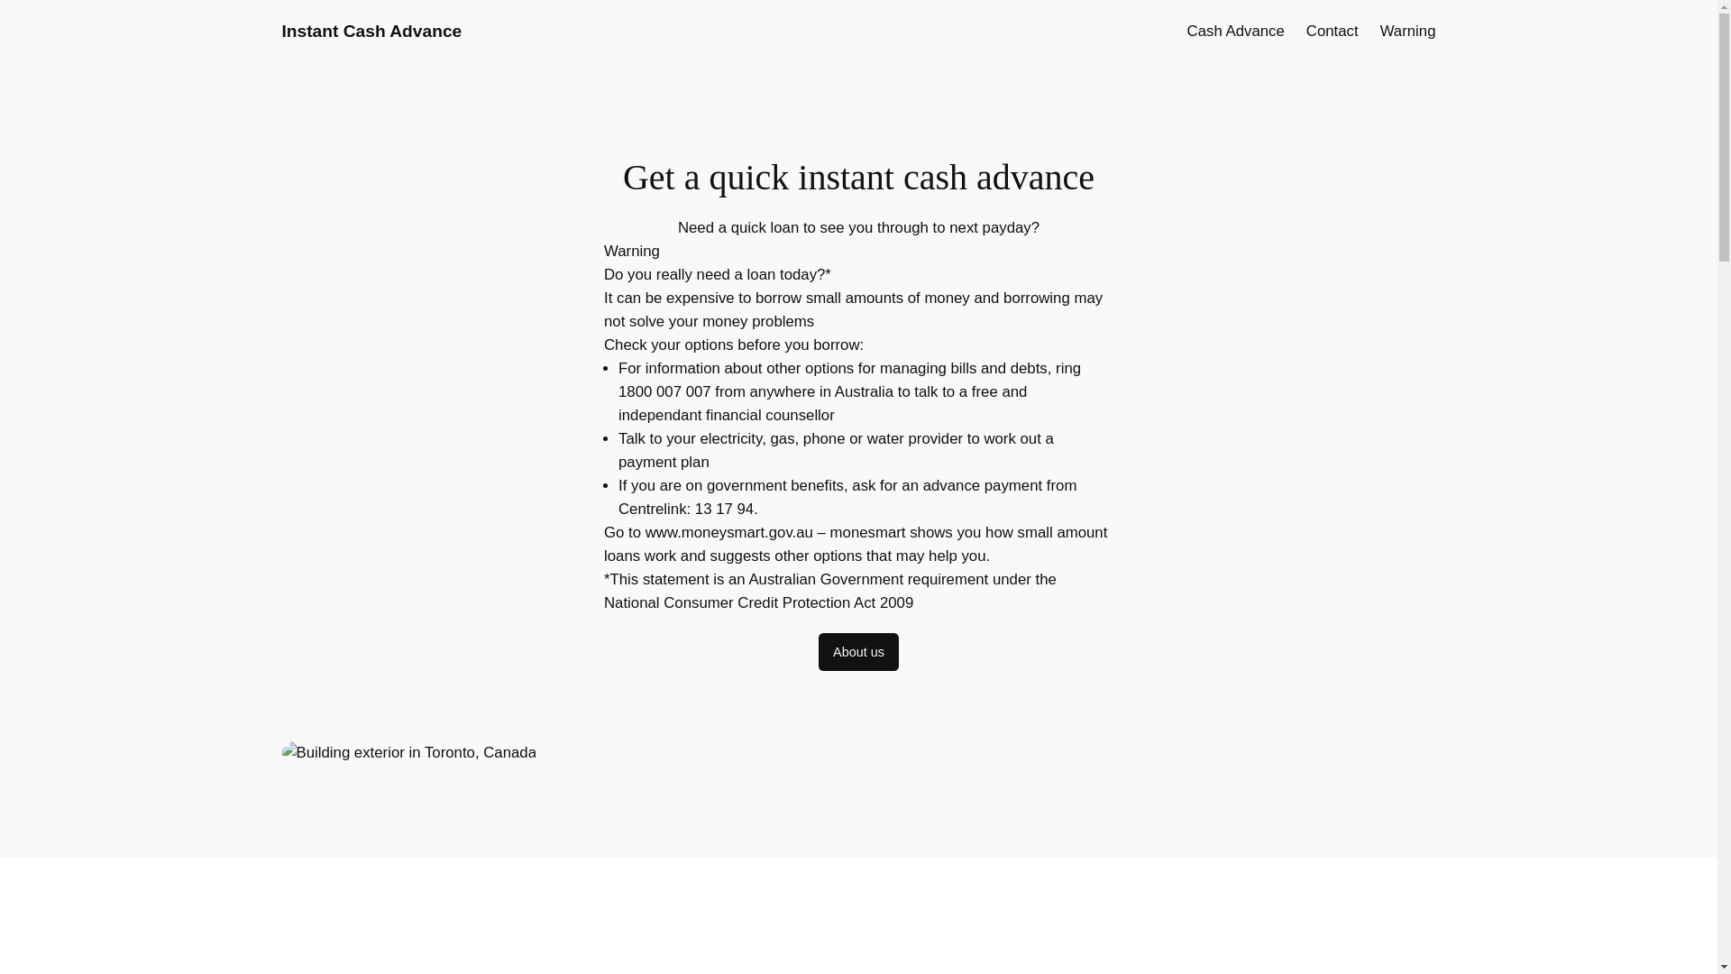 The image size is (1731, 974). I want to click on 'Warning', so click(1379, 31).